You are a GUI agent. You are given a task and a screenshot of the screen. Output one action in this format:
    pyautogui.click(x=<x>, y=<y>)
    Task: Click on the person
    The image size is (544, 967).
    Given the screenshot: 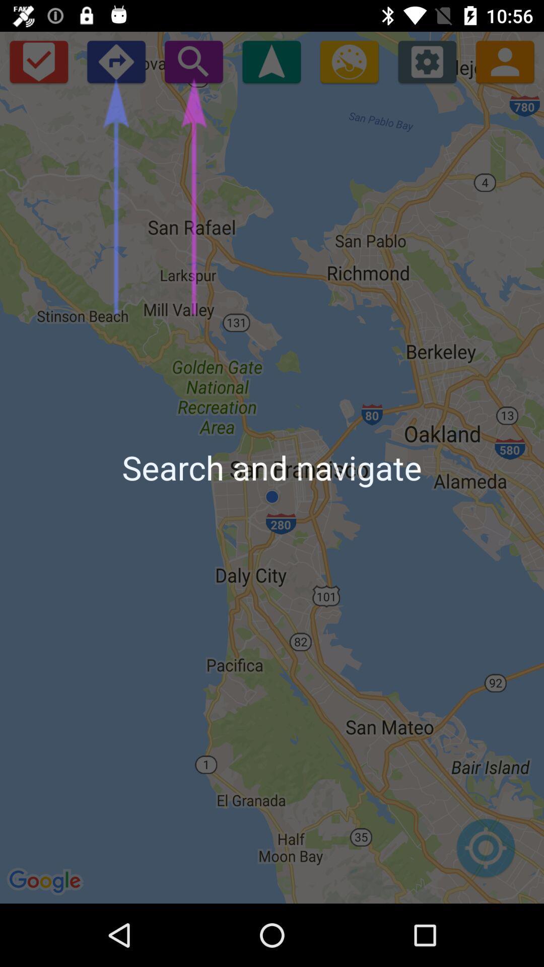 What is the action you would take?
    pyautogui.click(x=505, y=61)
    